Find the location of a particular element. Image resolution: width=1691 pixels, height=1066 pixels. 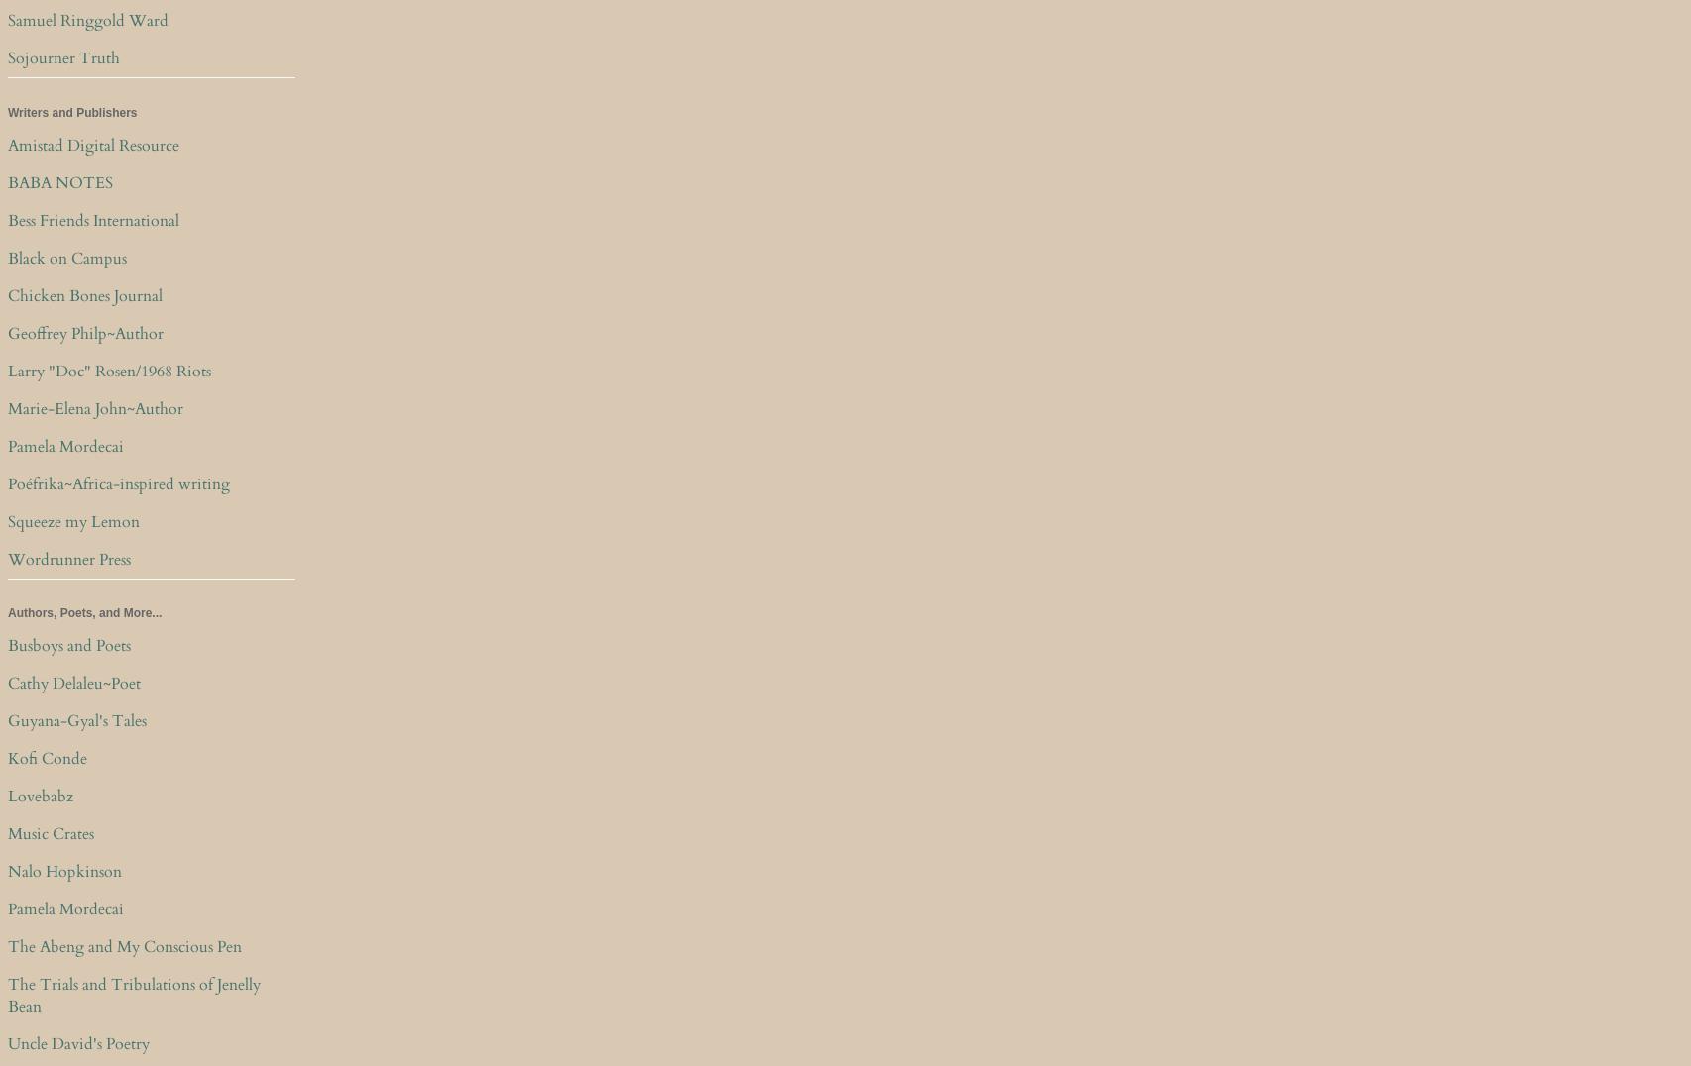

'Amistad Digital Resource' is located at coordinates (93, 145).